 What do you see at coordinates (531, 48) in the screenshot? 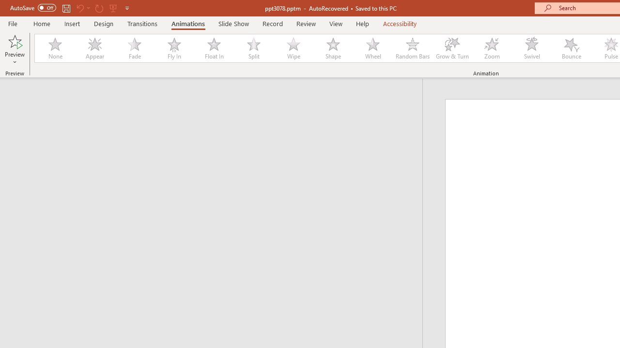
I see `'Swivel'` at bounding box center [531, 48].